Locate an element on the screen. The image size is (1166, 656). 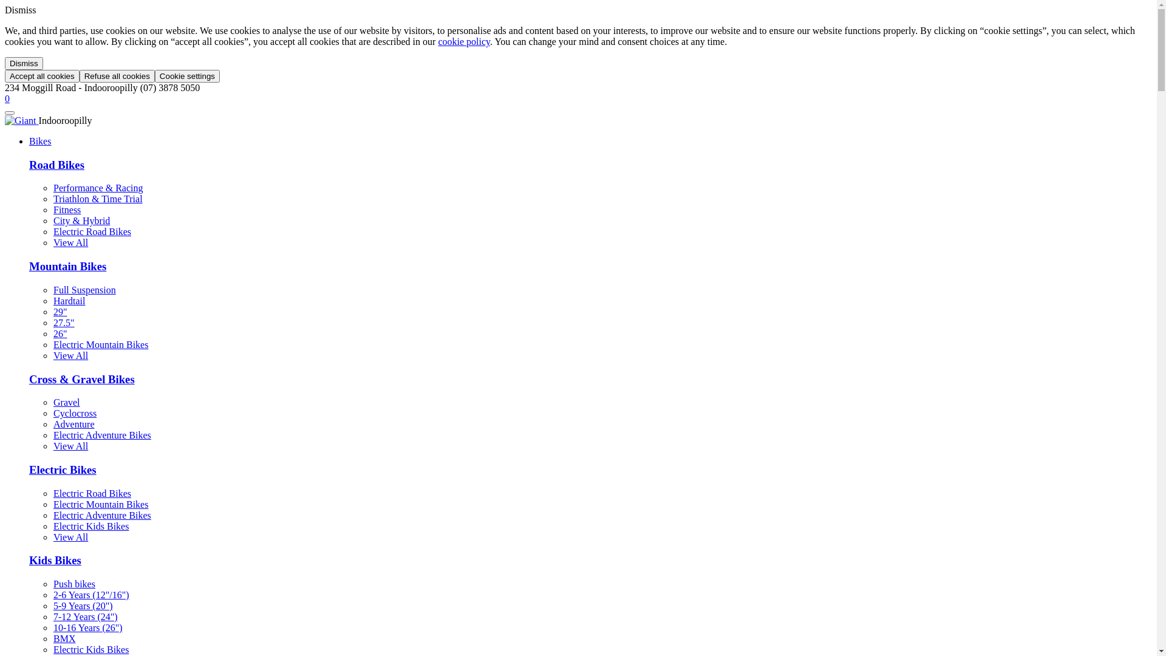
'Cyclocross' is located at coordinates (52, 412).